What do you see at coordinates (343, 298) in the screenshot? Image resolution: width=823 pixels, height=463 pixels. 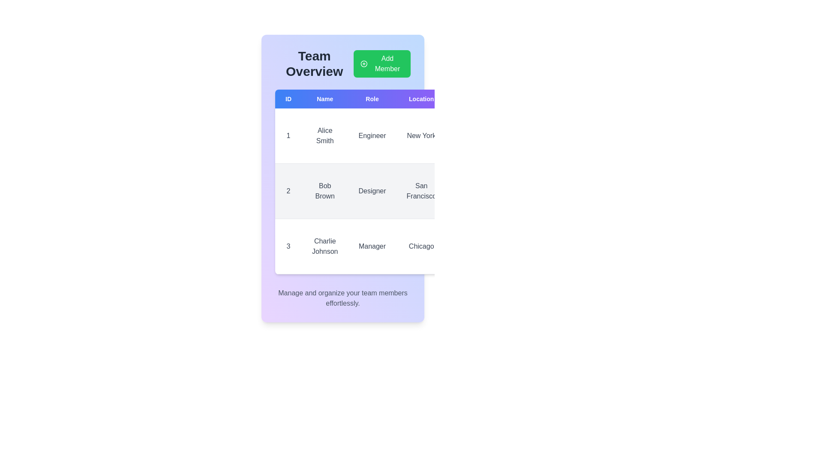 I see `the static text content located at the bottom of the card-like section that provides context for managing team members` at bounding box center [343, 298].